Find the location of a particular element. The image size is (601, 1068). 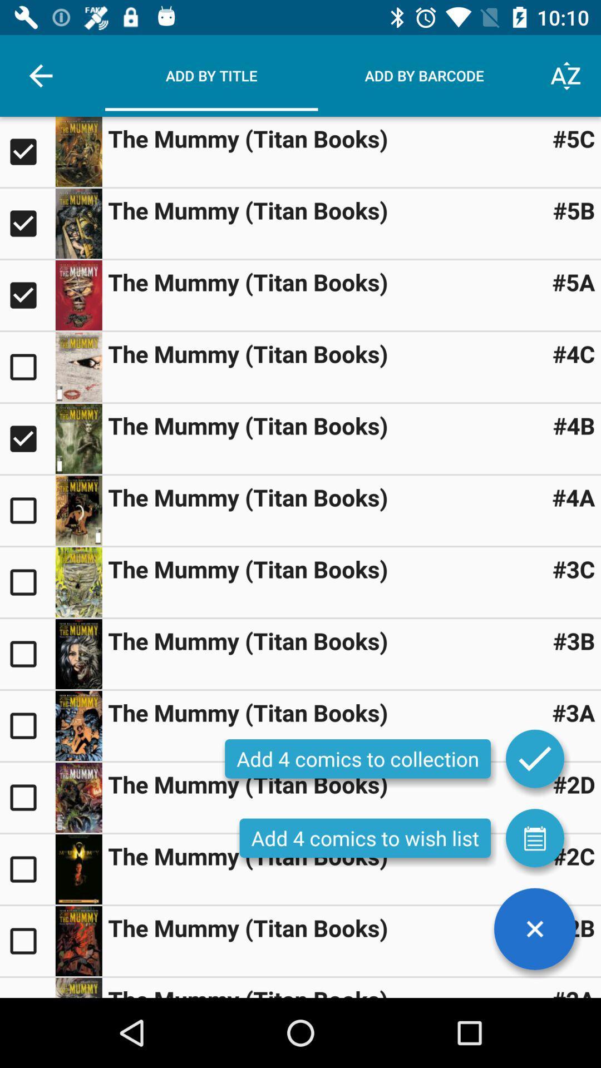

to list is located at coordinates (534, 838).